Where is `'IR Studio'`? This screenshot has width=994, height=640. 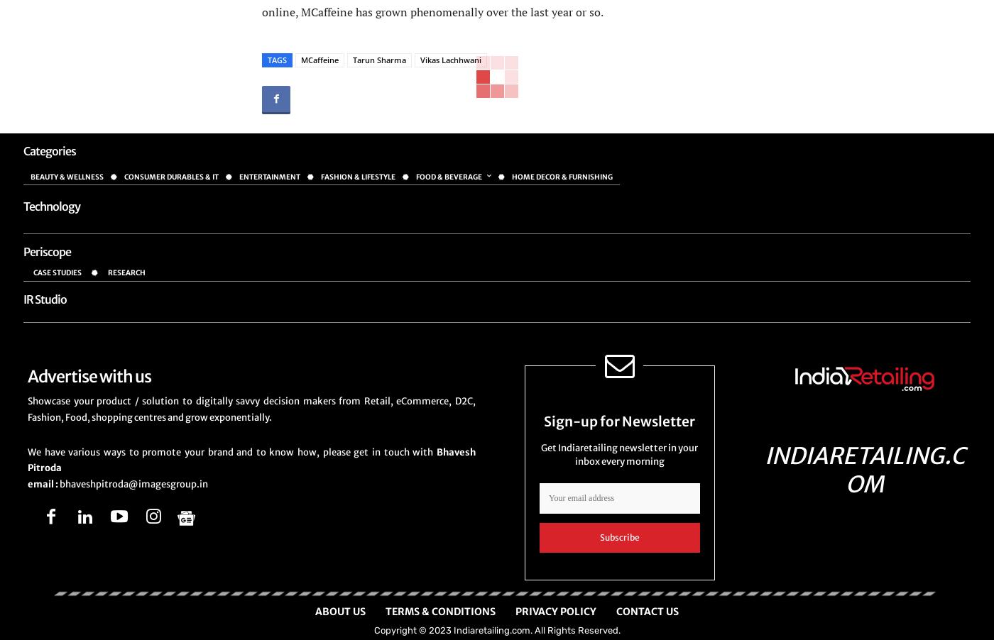 'IR Studio' is located at coordinates (45, 299).